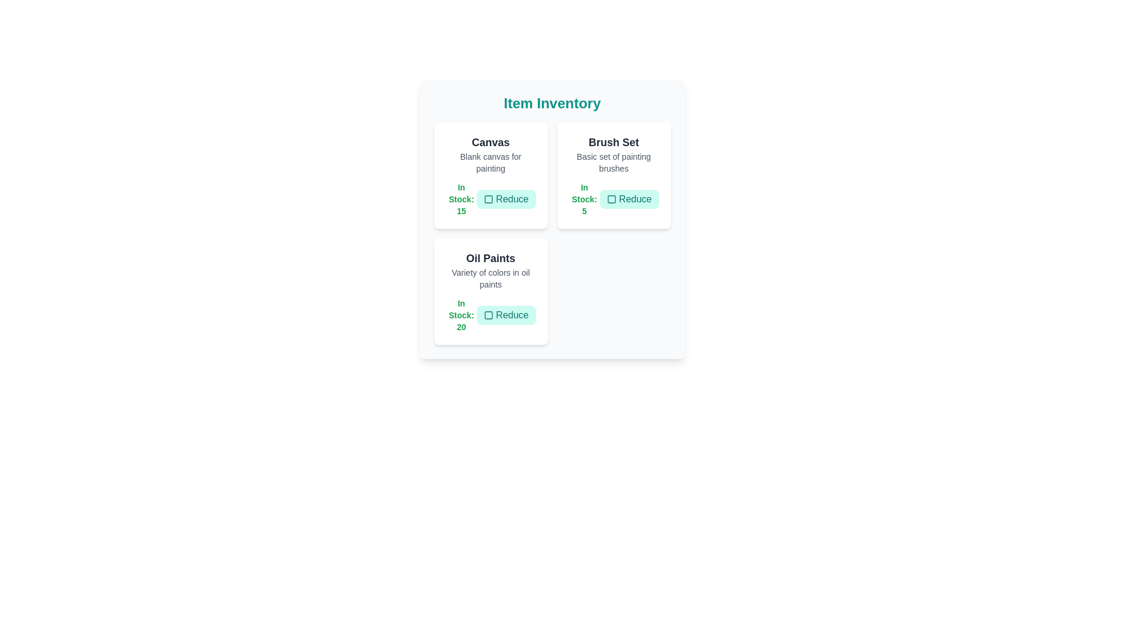 This screenshot has width=1136, height=639. What do you see at coordinates (628, 198) in the screenshot?
I see `'Reduce' button for the item Brush Set` at bounding box center [628, 198].